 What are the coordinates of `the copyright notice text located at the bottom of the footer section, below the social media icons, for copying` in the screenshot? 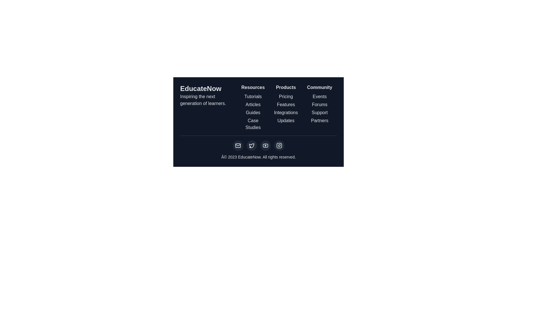 It's located at (258, 157).